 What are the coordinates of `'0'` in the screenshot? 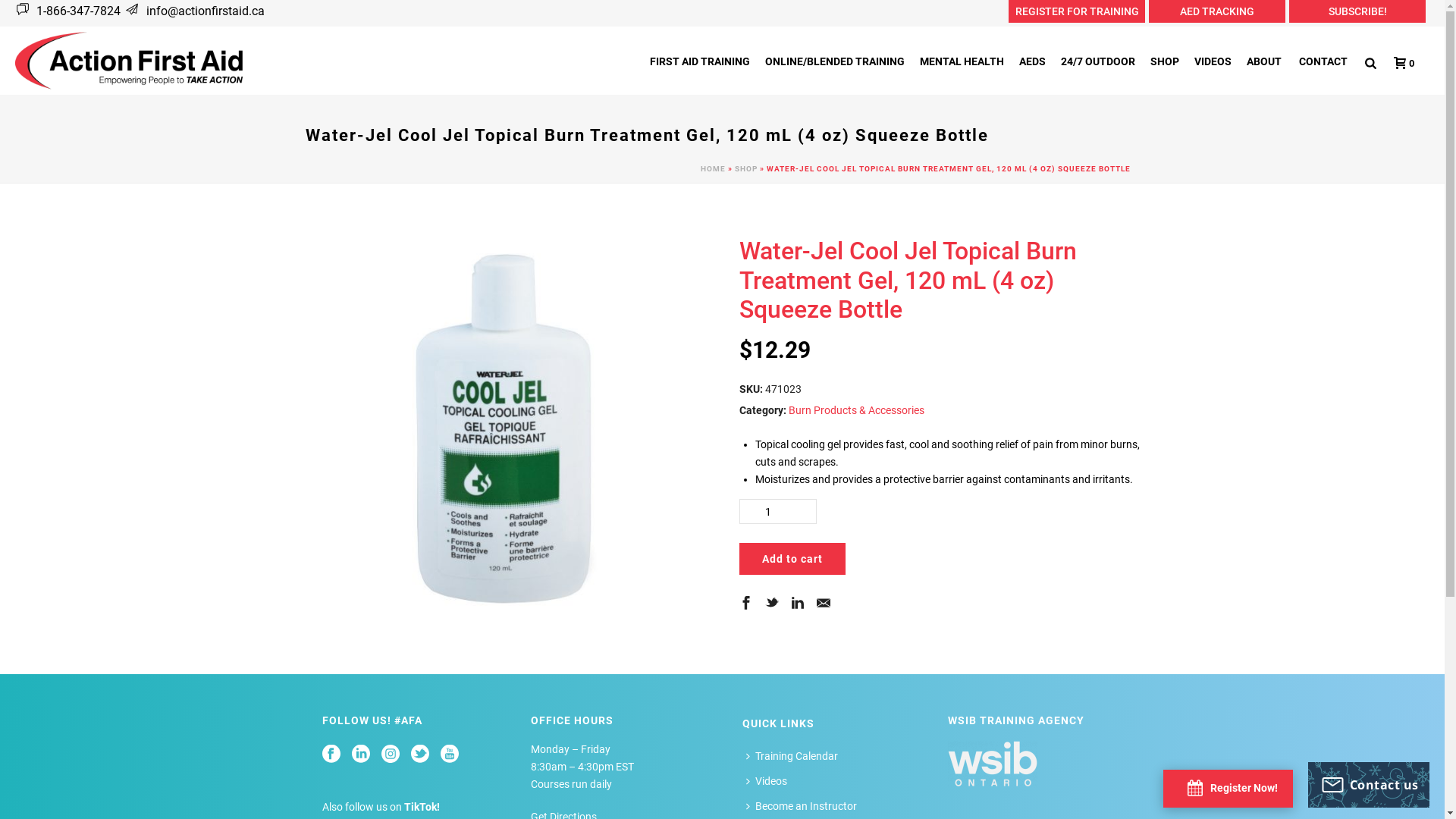 It's located at (1399, 62).